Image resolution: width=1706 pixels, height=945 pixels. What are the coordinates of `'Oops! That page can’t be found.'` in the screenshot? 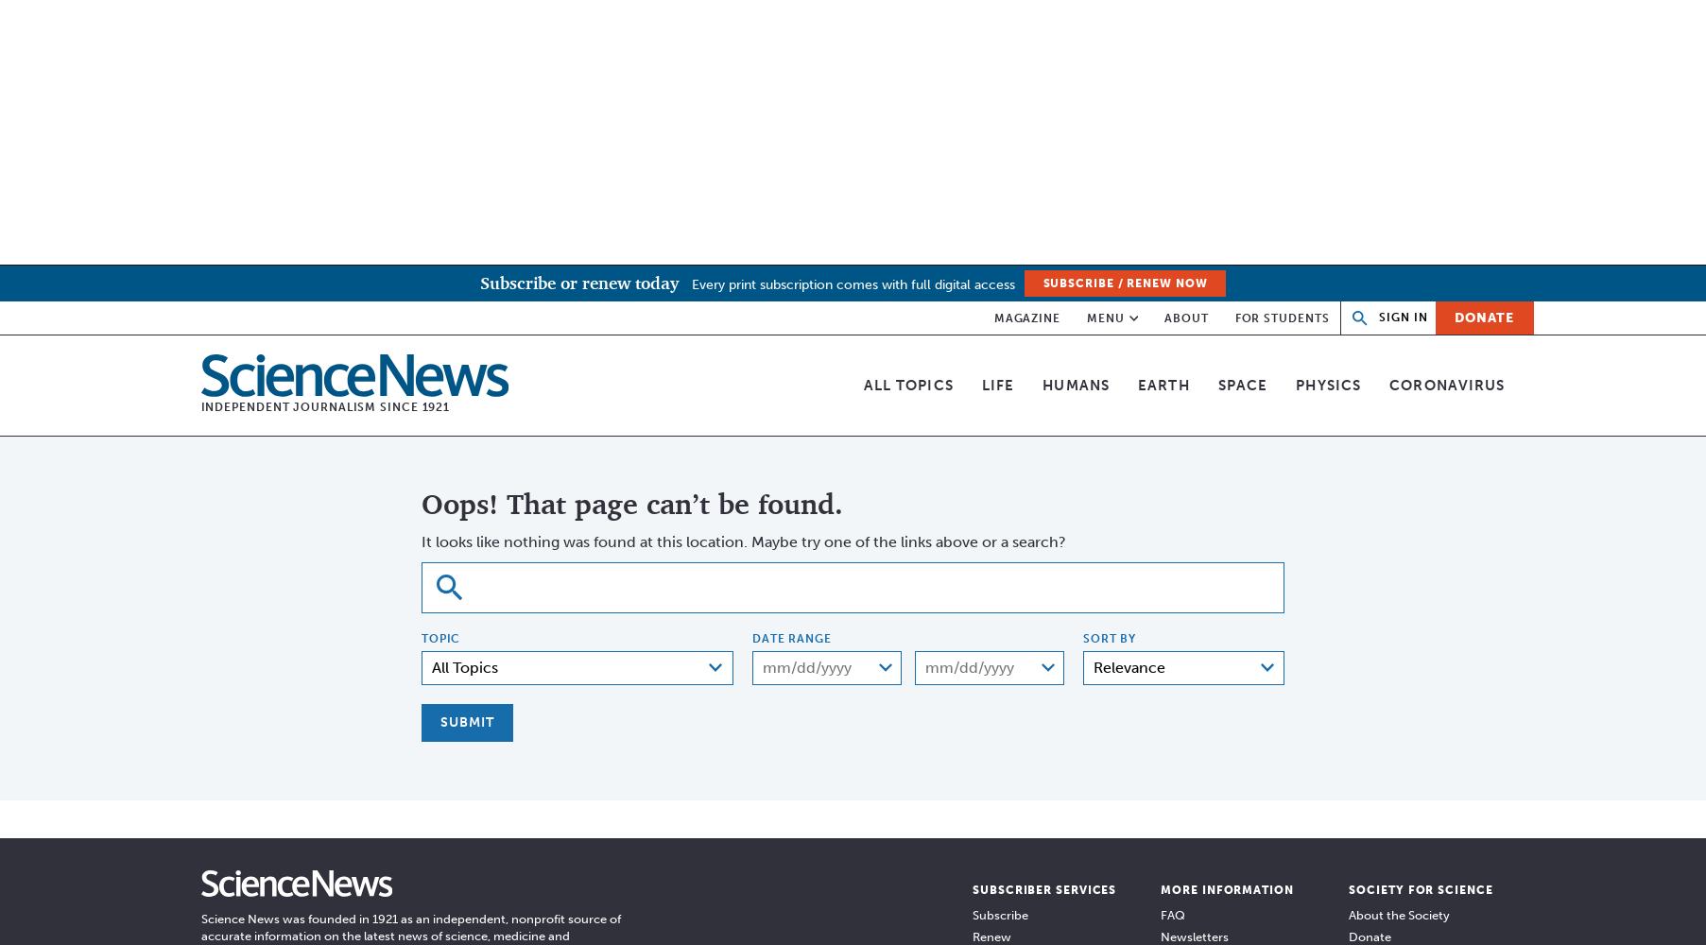 It's located at (631, 504).